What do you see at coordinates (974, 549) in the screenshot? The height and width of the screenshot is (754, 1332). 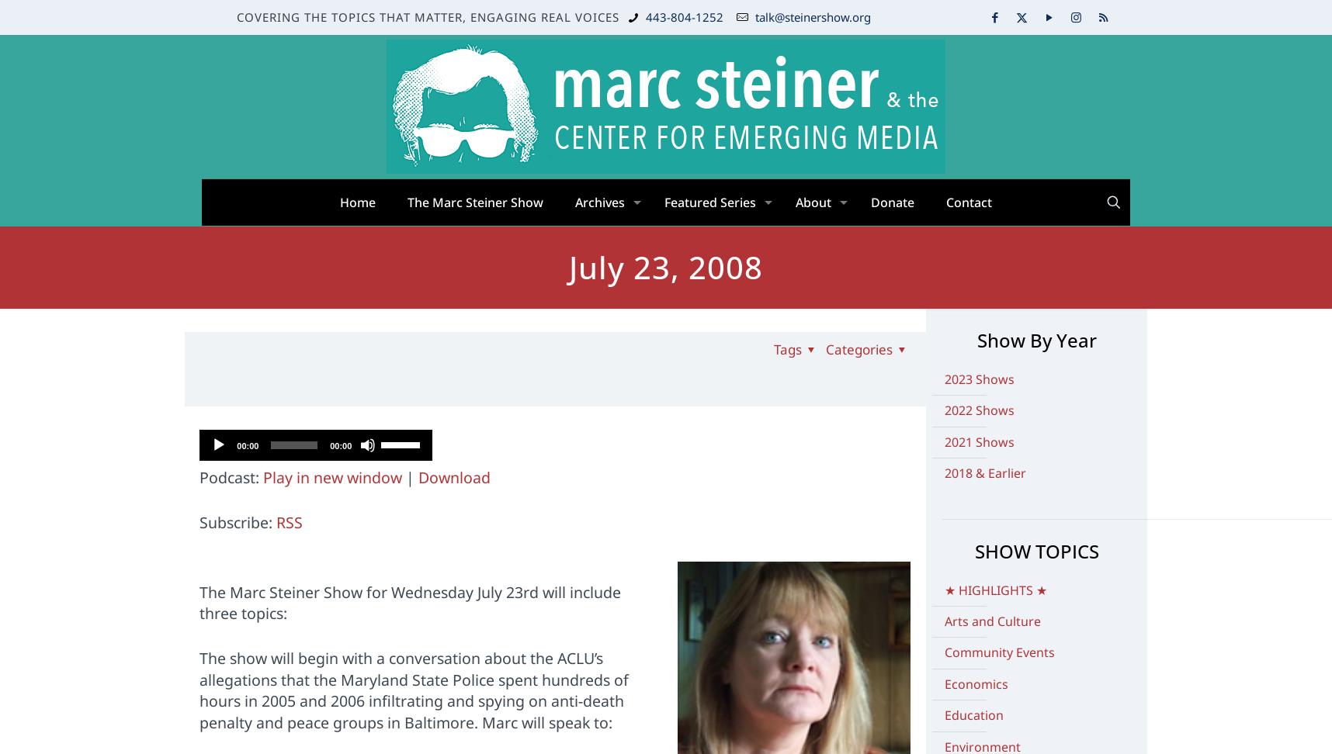 I see `'SHOW TOPICS'` at bounding box center [974, 549].